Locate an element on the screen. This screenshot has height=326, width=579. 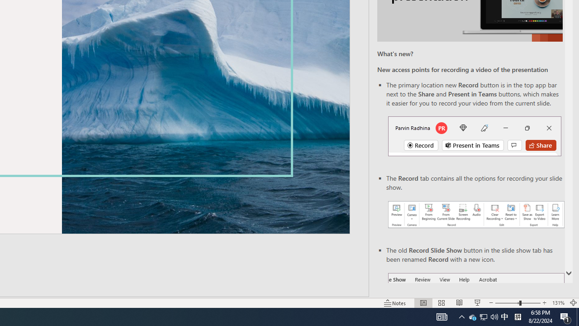
'Slide Sorter' is located at coordinates (441, 303).